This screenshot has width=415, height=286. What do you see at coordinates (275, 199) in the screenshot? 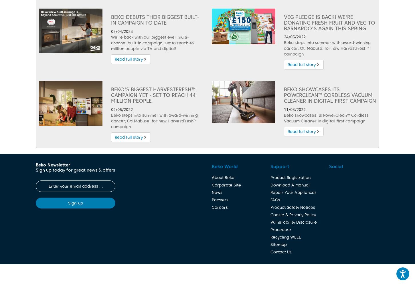
I see `'FAQs'` at bounding box center [275, 199].